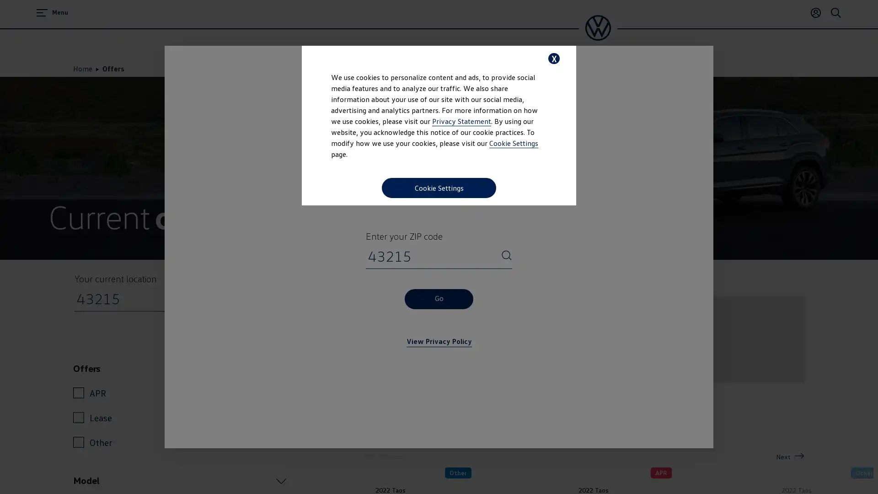 Image resolution: width=878 pixels, height=494 pixels. I want to click on Cookie Settings, so click(439, 188).